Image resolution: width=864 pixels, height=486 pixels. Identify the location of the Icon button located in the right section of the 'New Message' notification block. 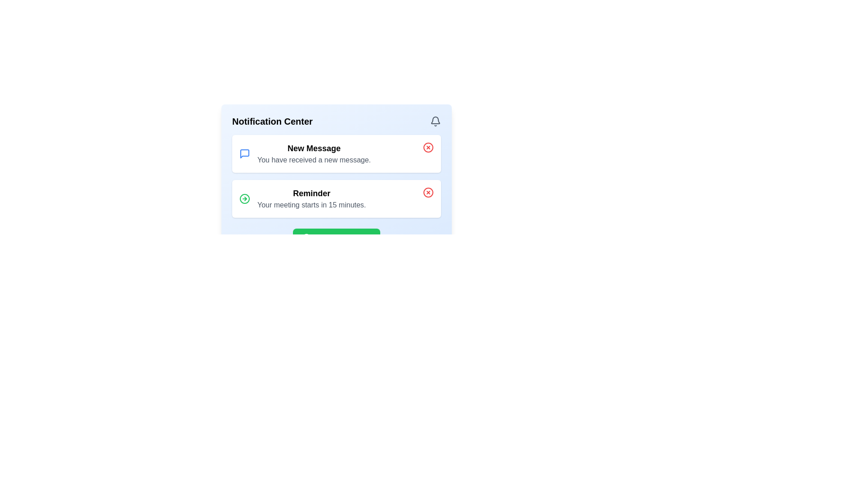
(427, 147).